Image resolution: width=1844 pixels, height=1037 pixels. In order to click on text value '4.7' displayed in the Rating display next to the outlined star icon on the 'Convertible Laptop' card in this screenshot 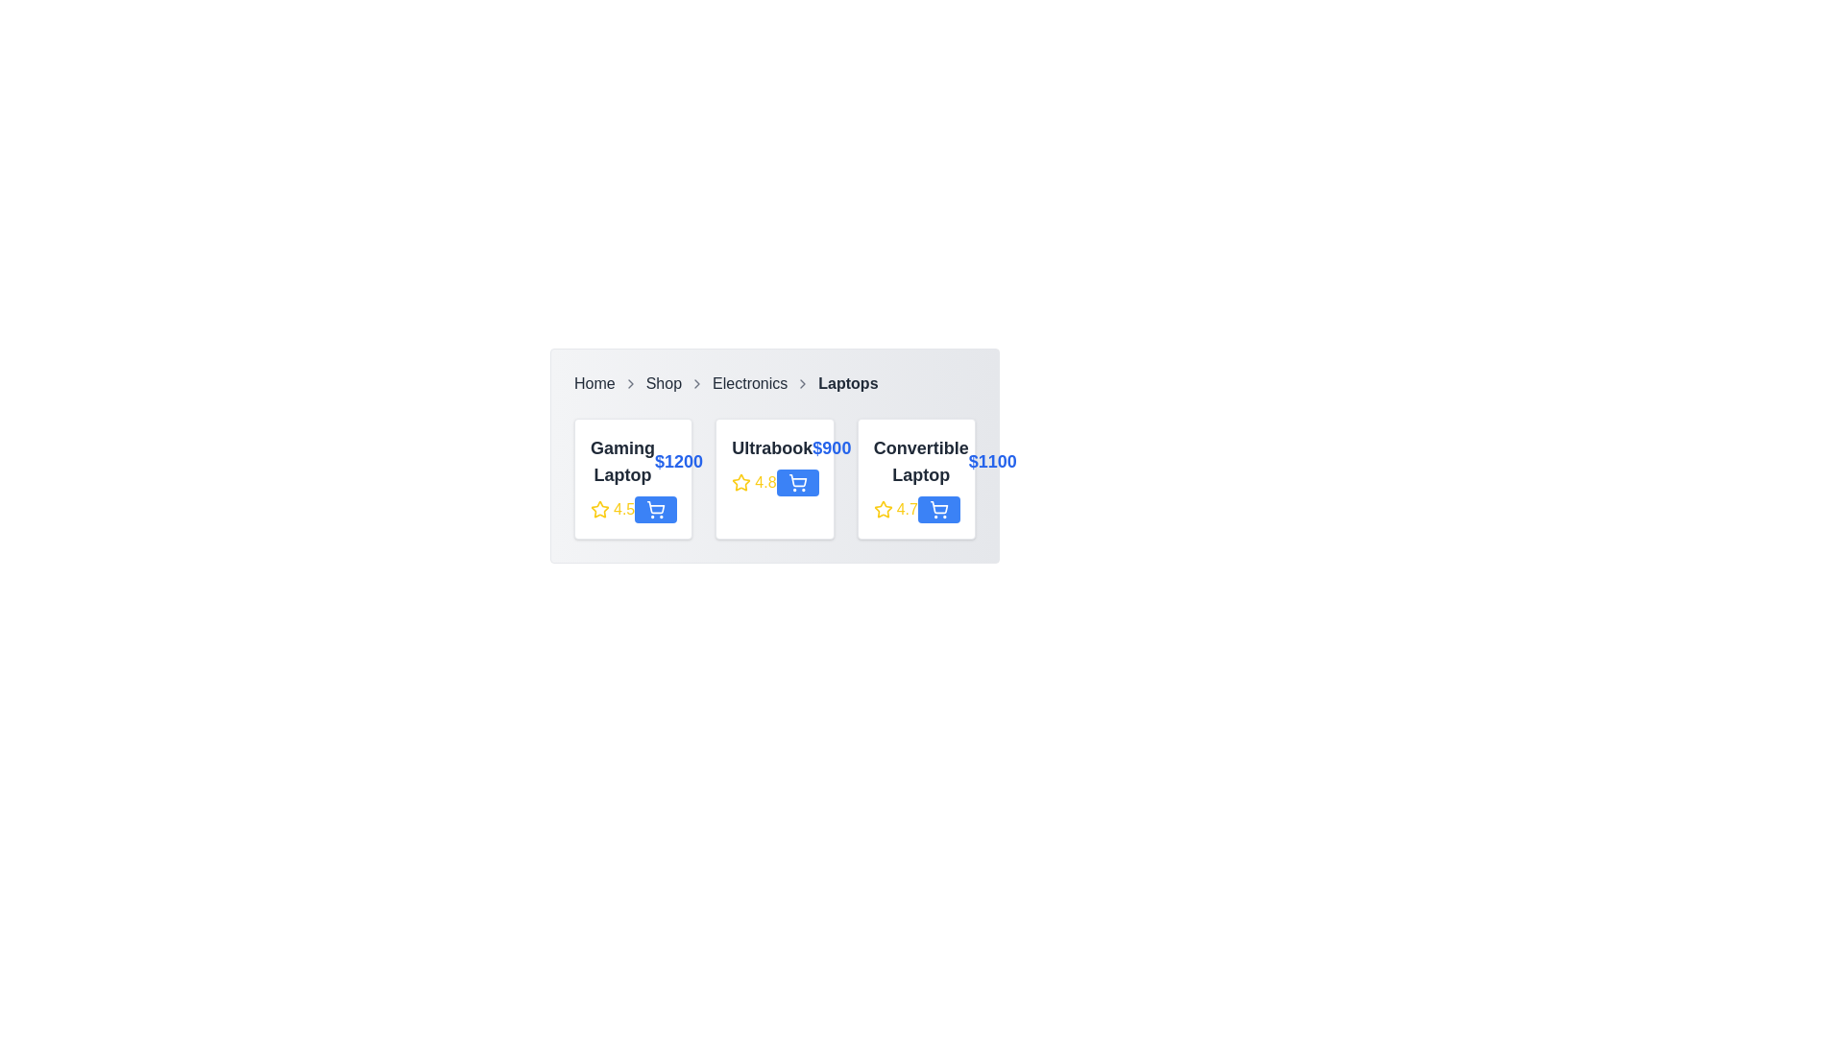, I will do `click(894, 509)`.